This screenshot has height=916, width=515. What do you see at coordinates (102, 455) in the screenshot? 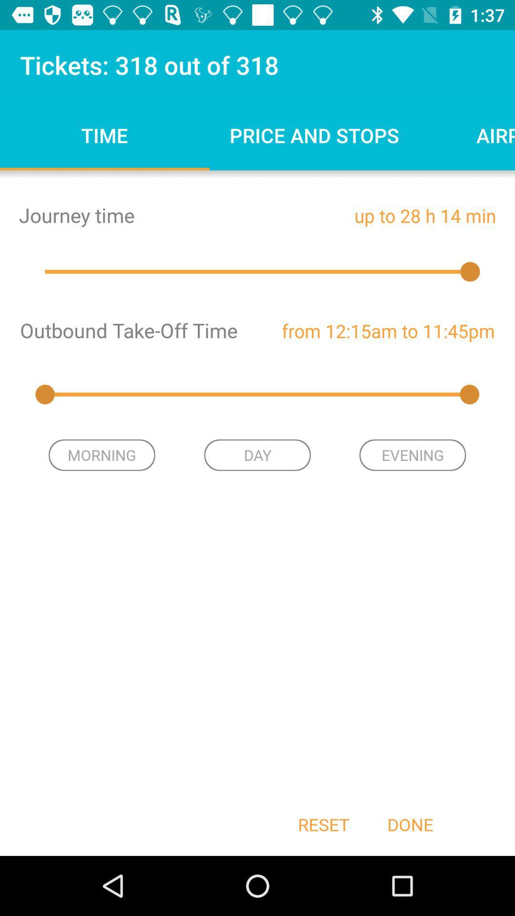
I see `the morning icon` at bounding box center [102, 455].